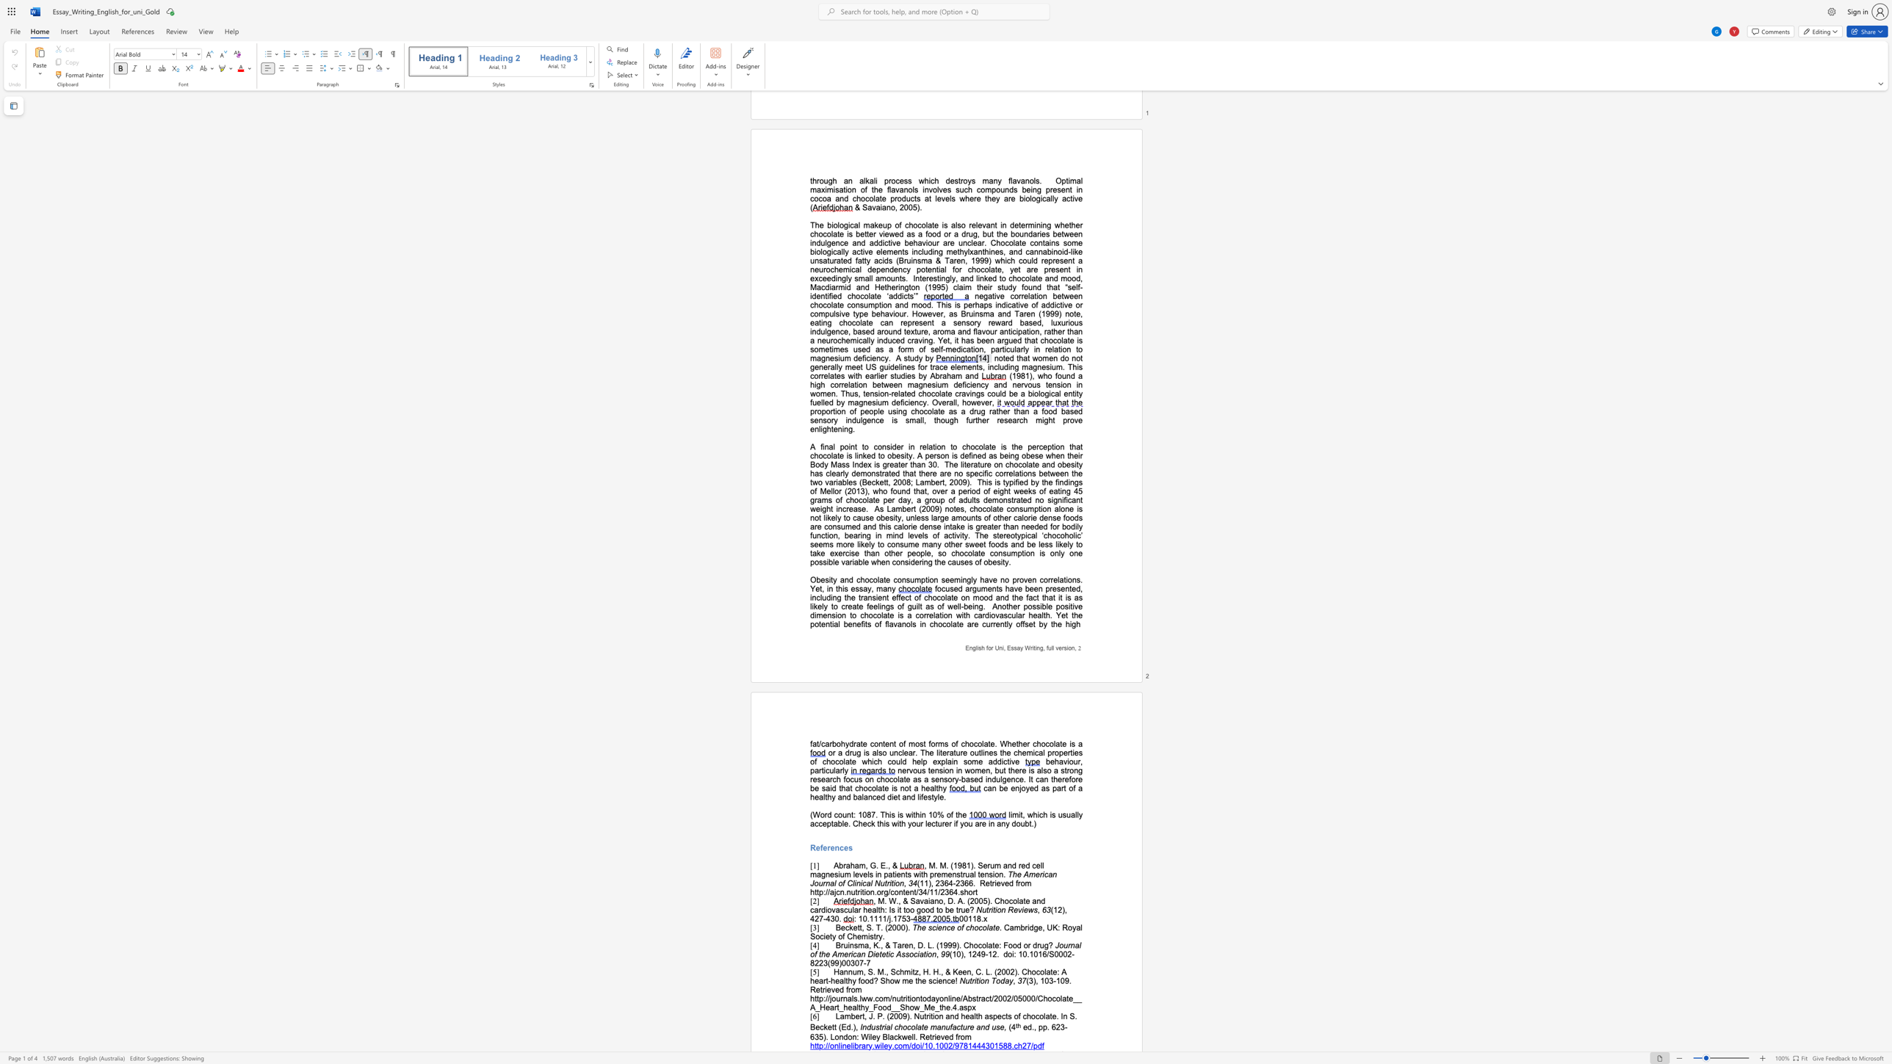 The height and width of the screenshot is (1064, 1892). What do you see at coordinates (983, 900) in the screenshot?
I see `the subset text "5). Chocolate and cardiovascular hea" within the text ", M. W., & Savaiano, D. A. (2005). Chocolate and cardiovascular health: Is it too good to be true?"` at bounding box center [983, 900].